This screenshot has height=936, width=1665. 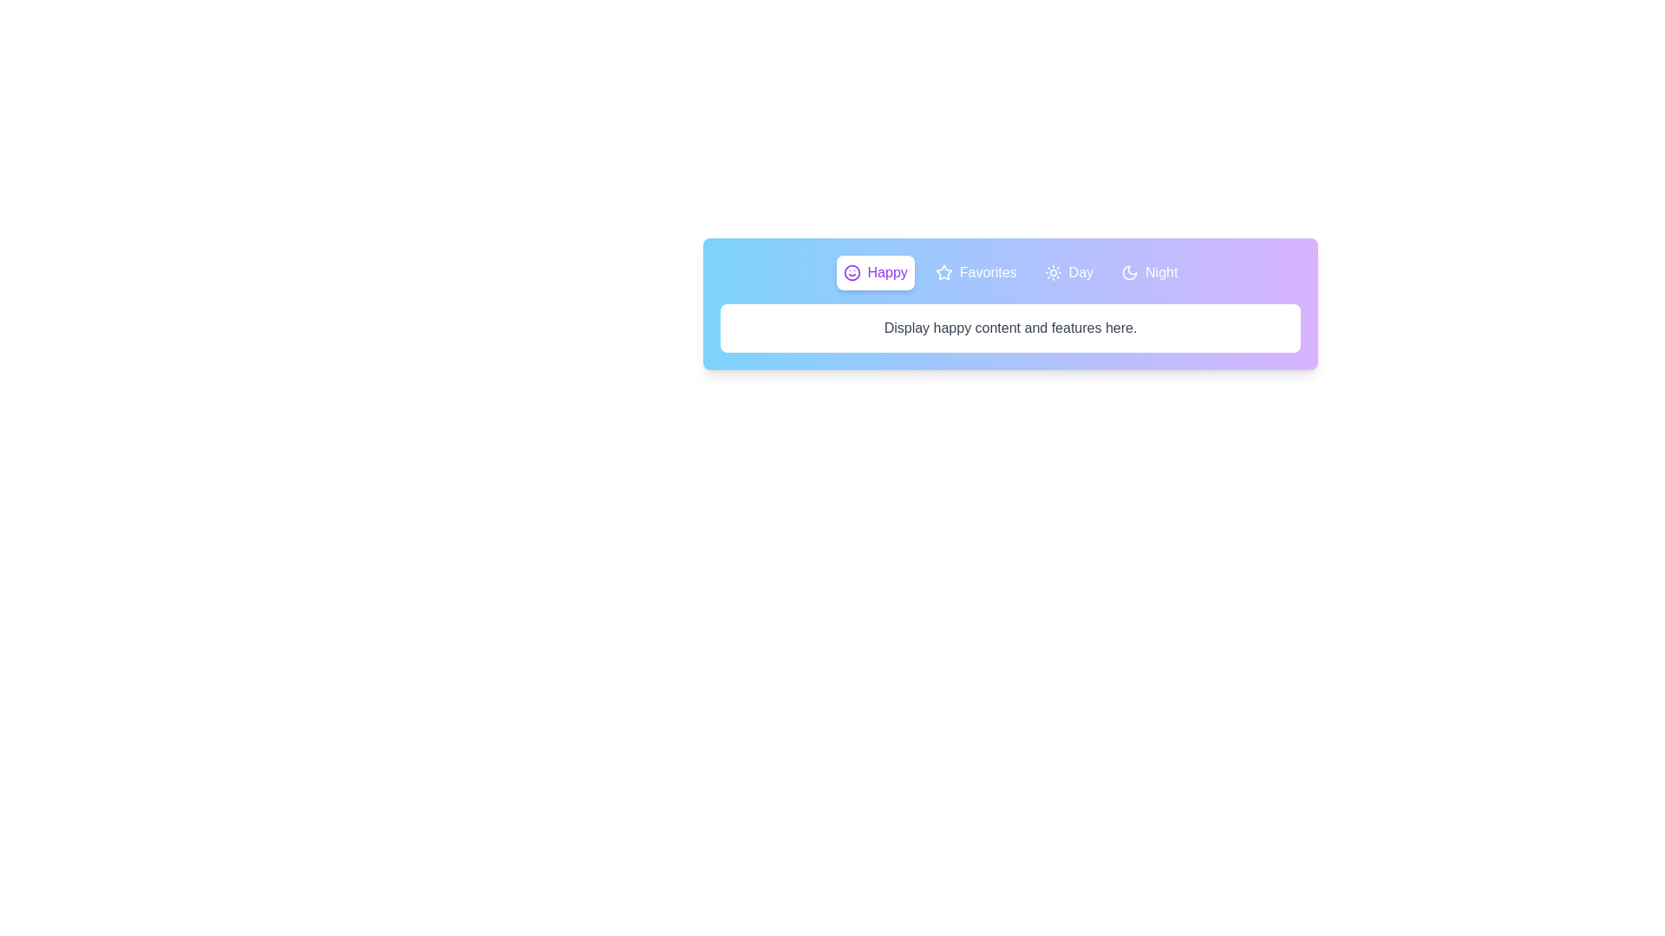 What do you see at coordinates (976, 273) in the screenshot?
I see `the Favorites tab to switch to its content` at bounding box center [976, 273].